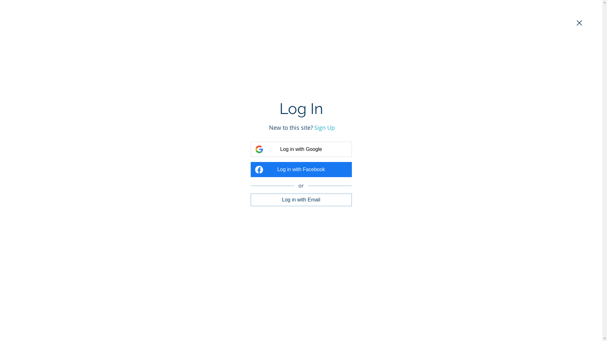  Describe the element at coordinates (300, 149) in the screenshot. I see `'Log in with Google'` at that location.